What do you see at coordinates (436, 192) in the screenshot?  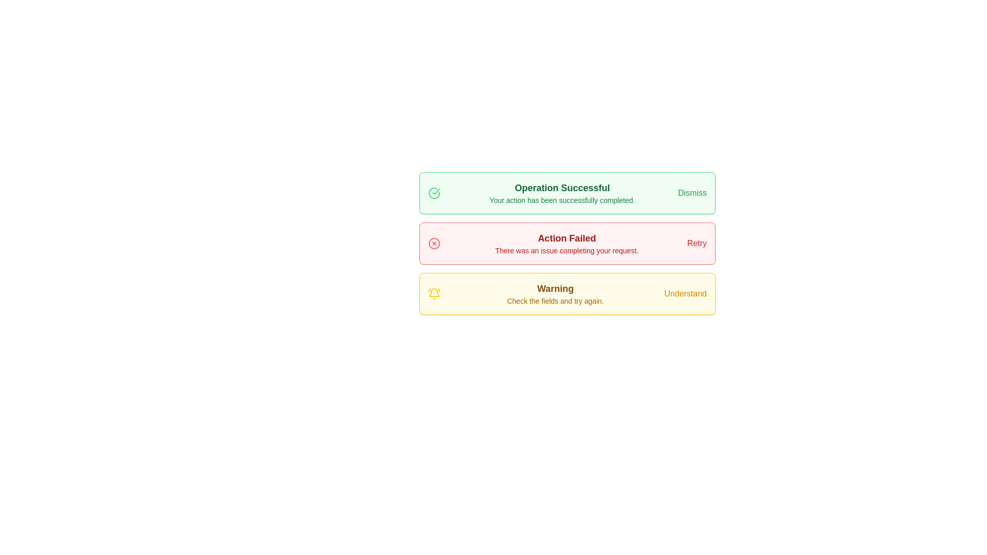 I see `the green checkmark icon indicating success, which is part of the success message notification bar aligned with the text 'Operation Successful'` at bounding box center [436, 192].